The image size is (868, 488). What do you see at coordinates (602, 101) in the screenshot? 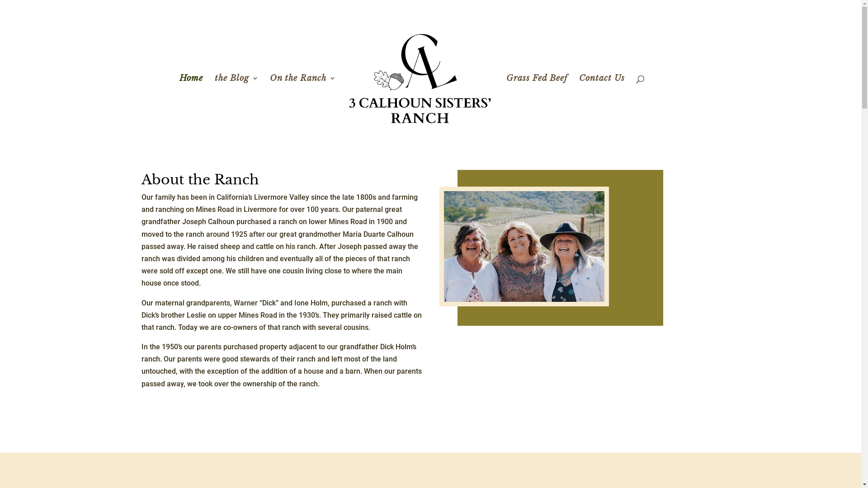
I see `'Contact Us'` at bounding box center [602, 101].